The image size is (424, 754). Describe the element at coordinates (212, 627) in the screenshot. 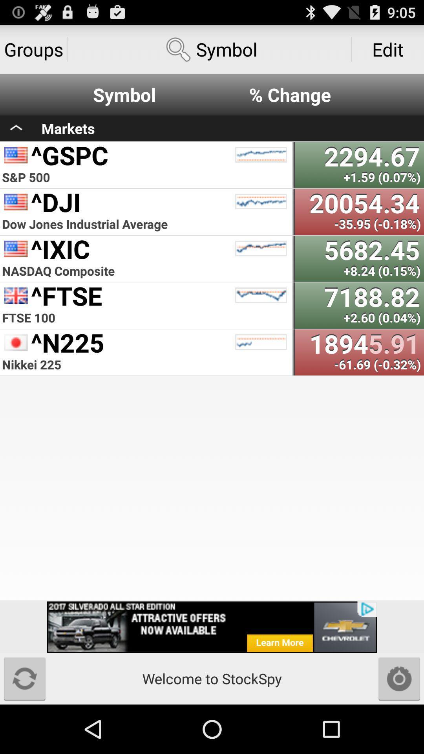

I see `advertisement that will redirect to car website` at that location.